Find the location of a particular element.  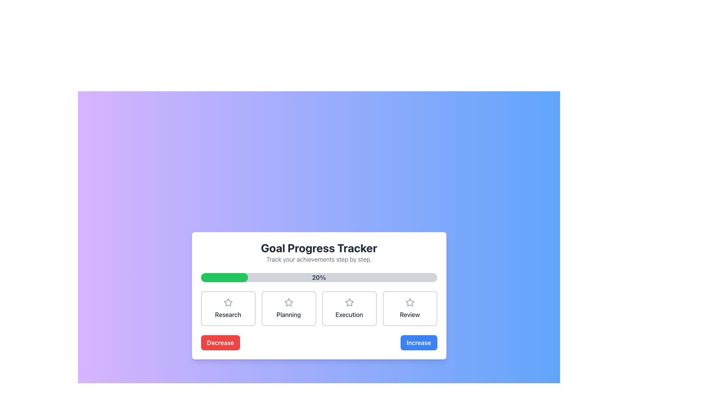

the five-pointed star icon styled with an outlined design, located within the 'Review' card in the bottom right corner of the grid is located at coordinates (409, 302).